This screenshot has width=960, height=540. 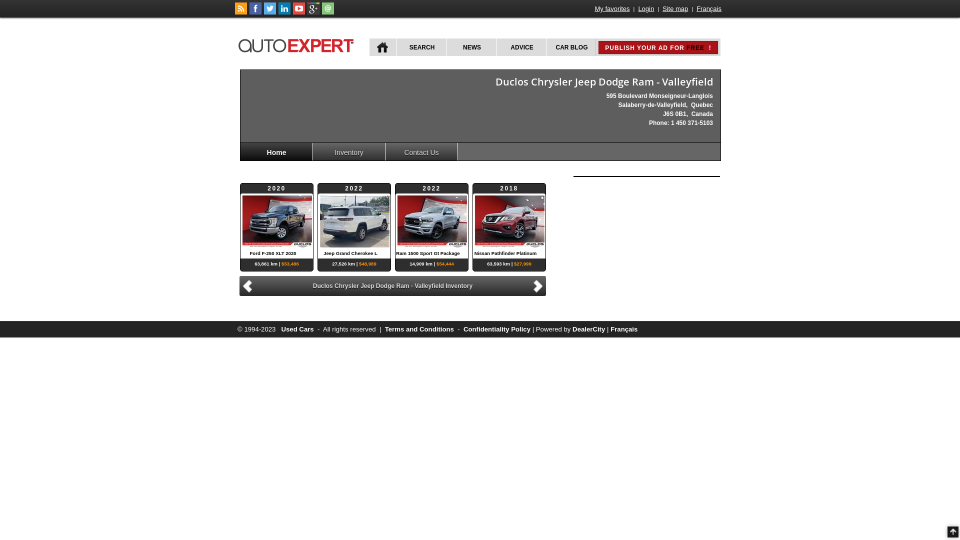 I want to click on 'Used Cars', so click(x=296, y=329).